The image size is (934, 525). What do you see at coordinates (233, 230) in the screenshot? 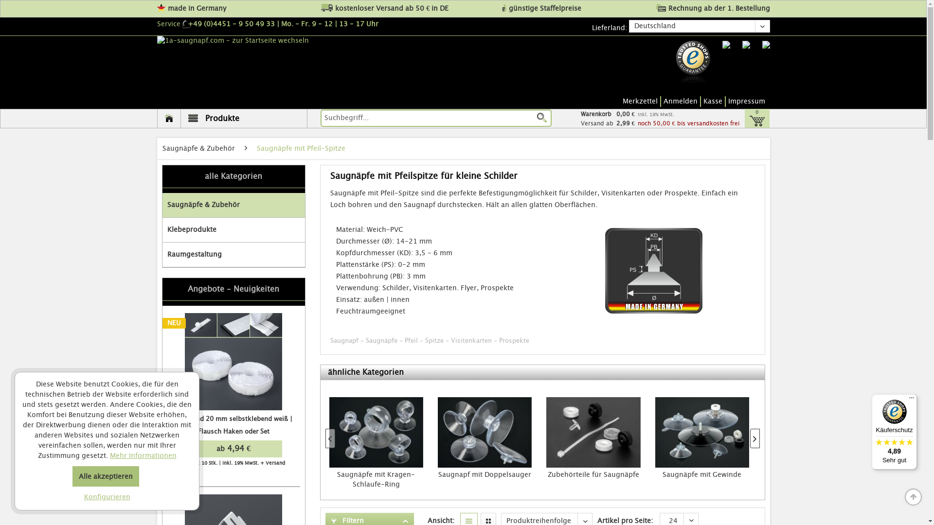
I see `'Klebeprodukte'` at bounding box center [233, 230].